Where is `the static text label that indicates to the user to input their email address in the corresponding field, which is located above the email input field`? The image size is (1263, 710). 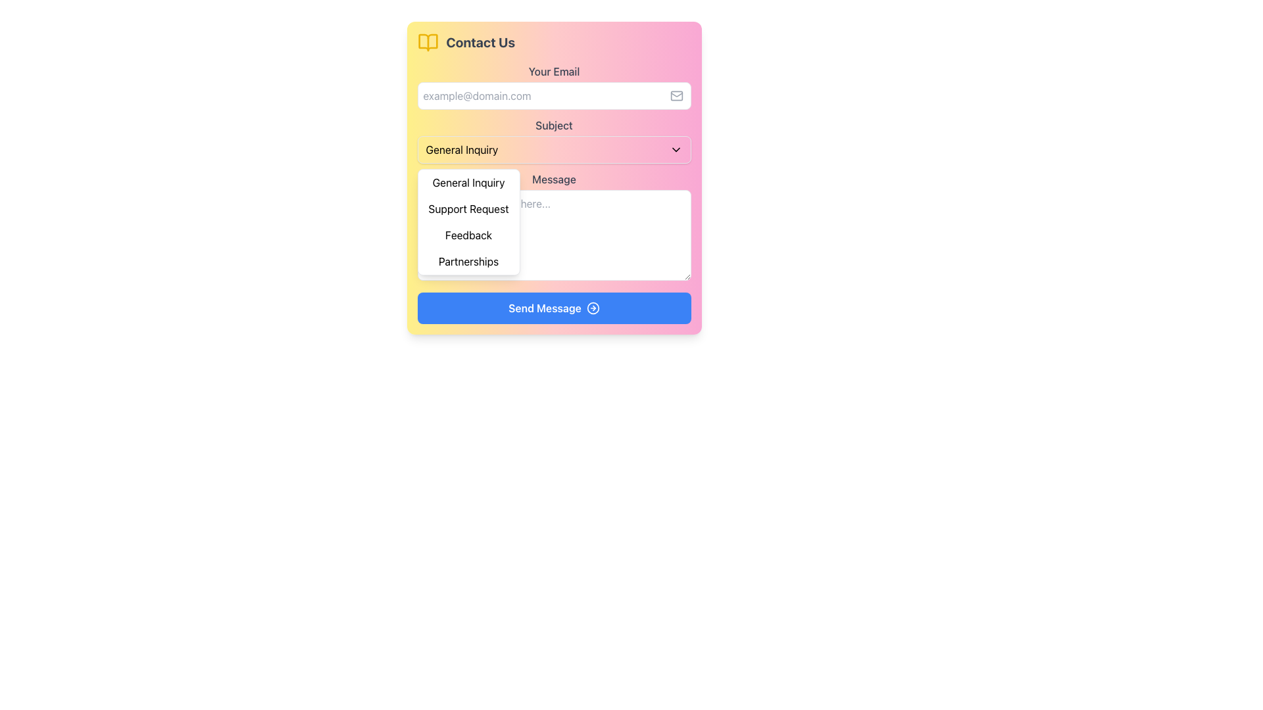 the static text label that indicates to the user to input their email address in the corresponding field, which is located above the email input field is located at coordinates (554, 71).